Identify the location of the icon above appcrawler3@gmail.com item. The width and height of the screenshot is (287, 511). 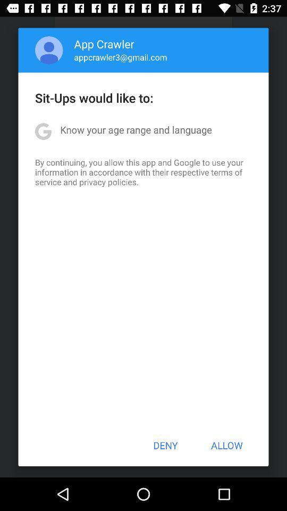
(104, 44).